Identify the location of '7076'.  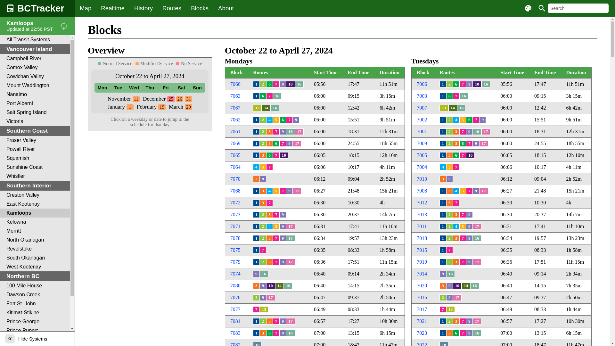
(230, 297).